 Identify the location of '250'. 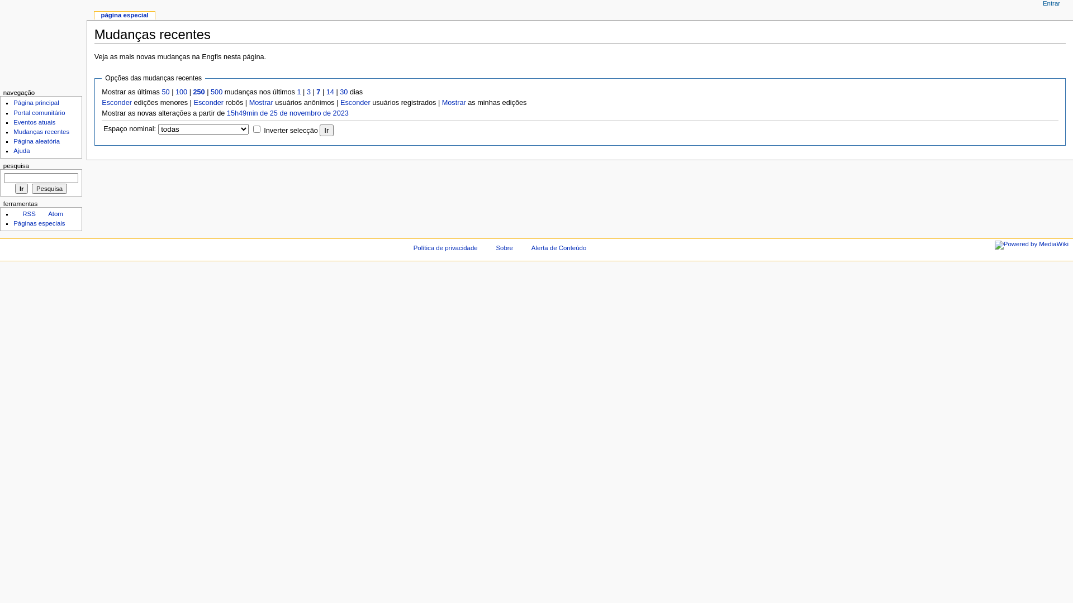
(199, 92).